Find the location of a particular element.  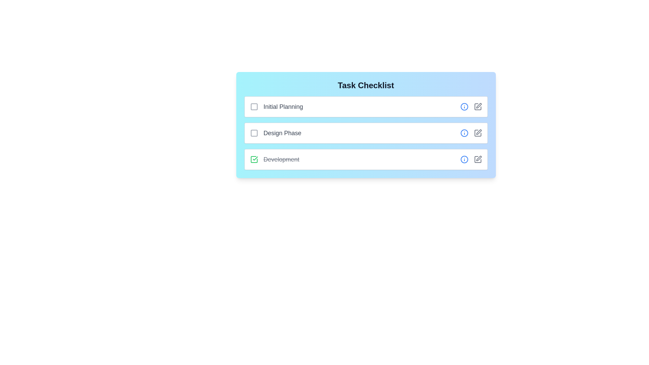

the edit icon for the task named Development is located at coordinates (477, 159).